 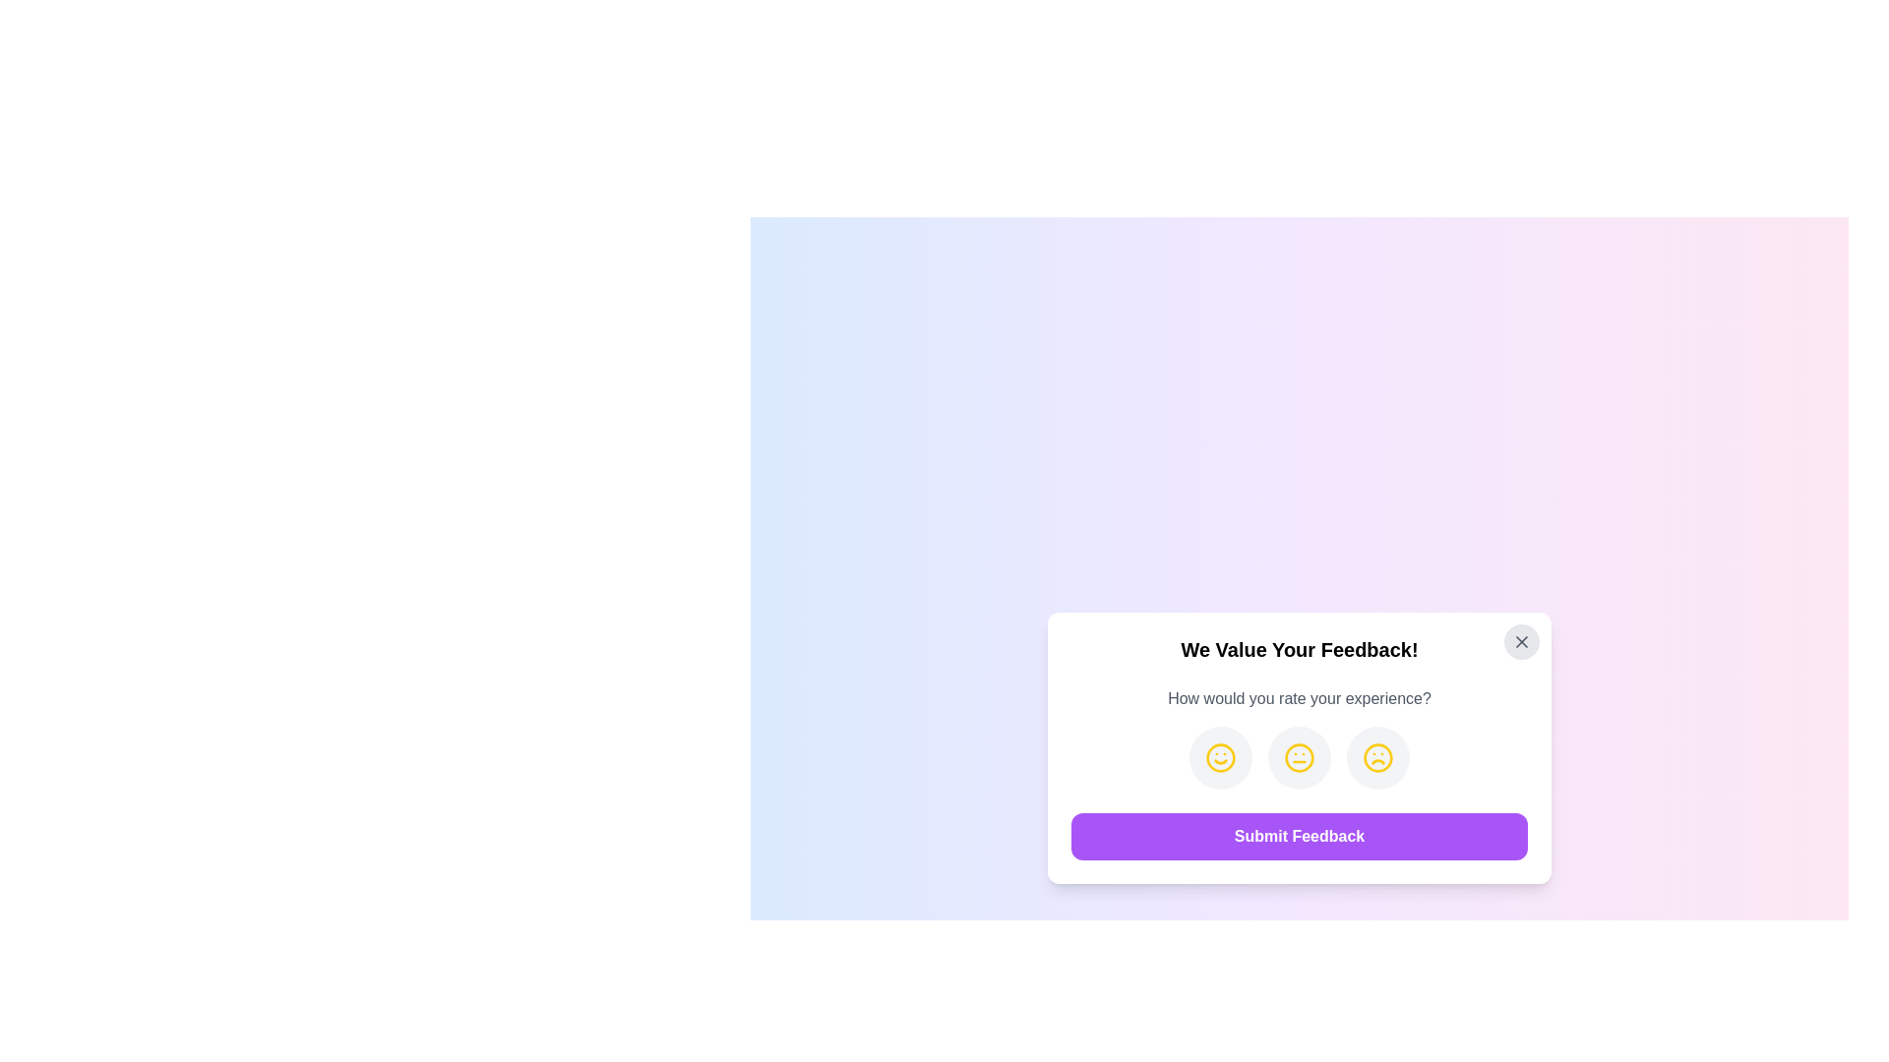 What do you see at coordinates (1299, 747) in the screenshot?
I see `the neutral face rating circle` at bounding box center [1299, 747].